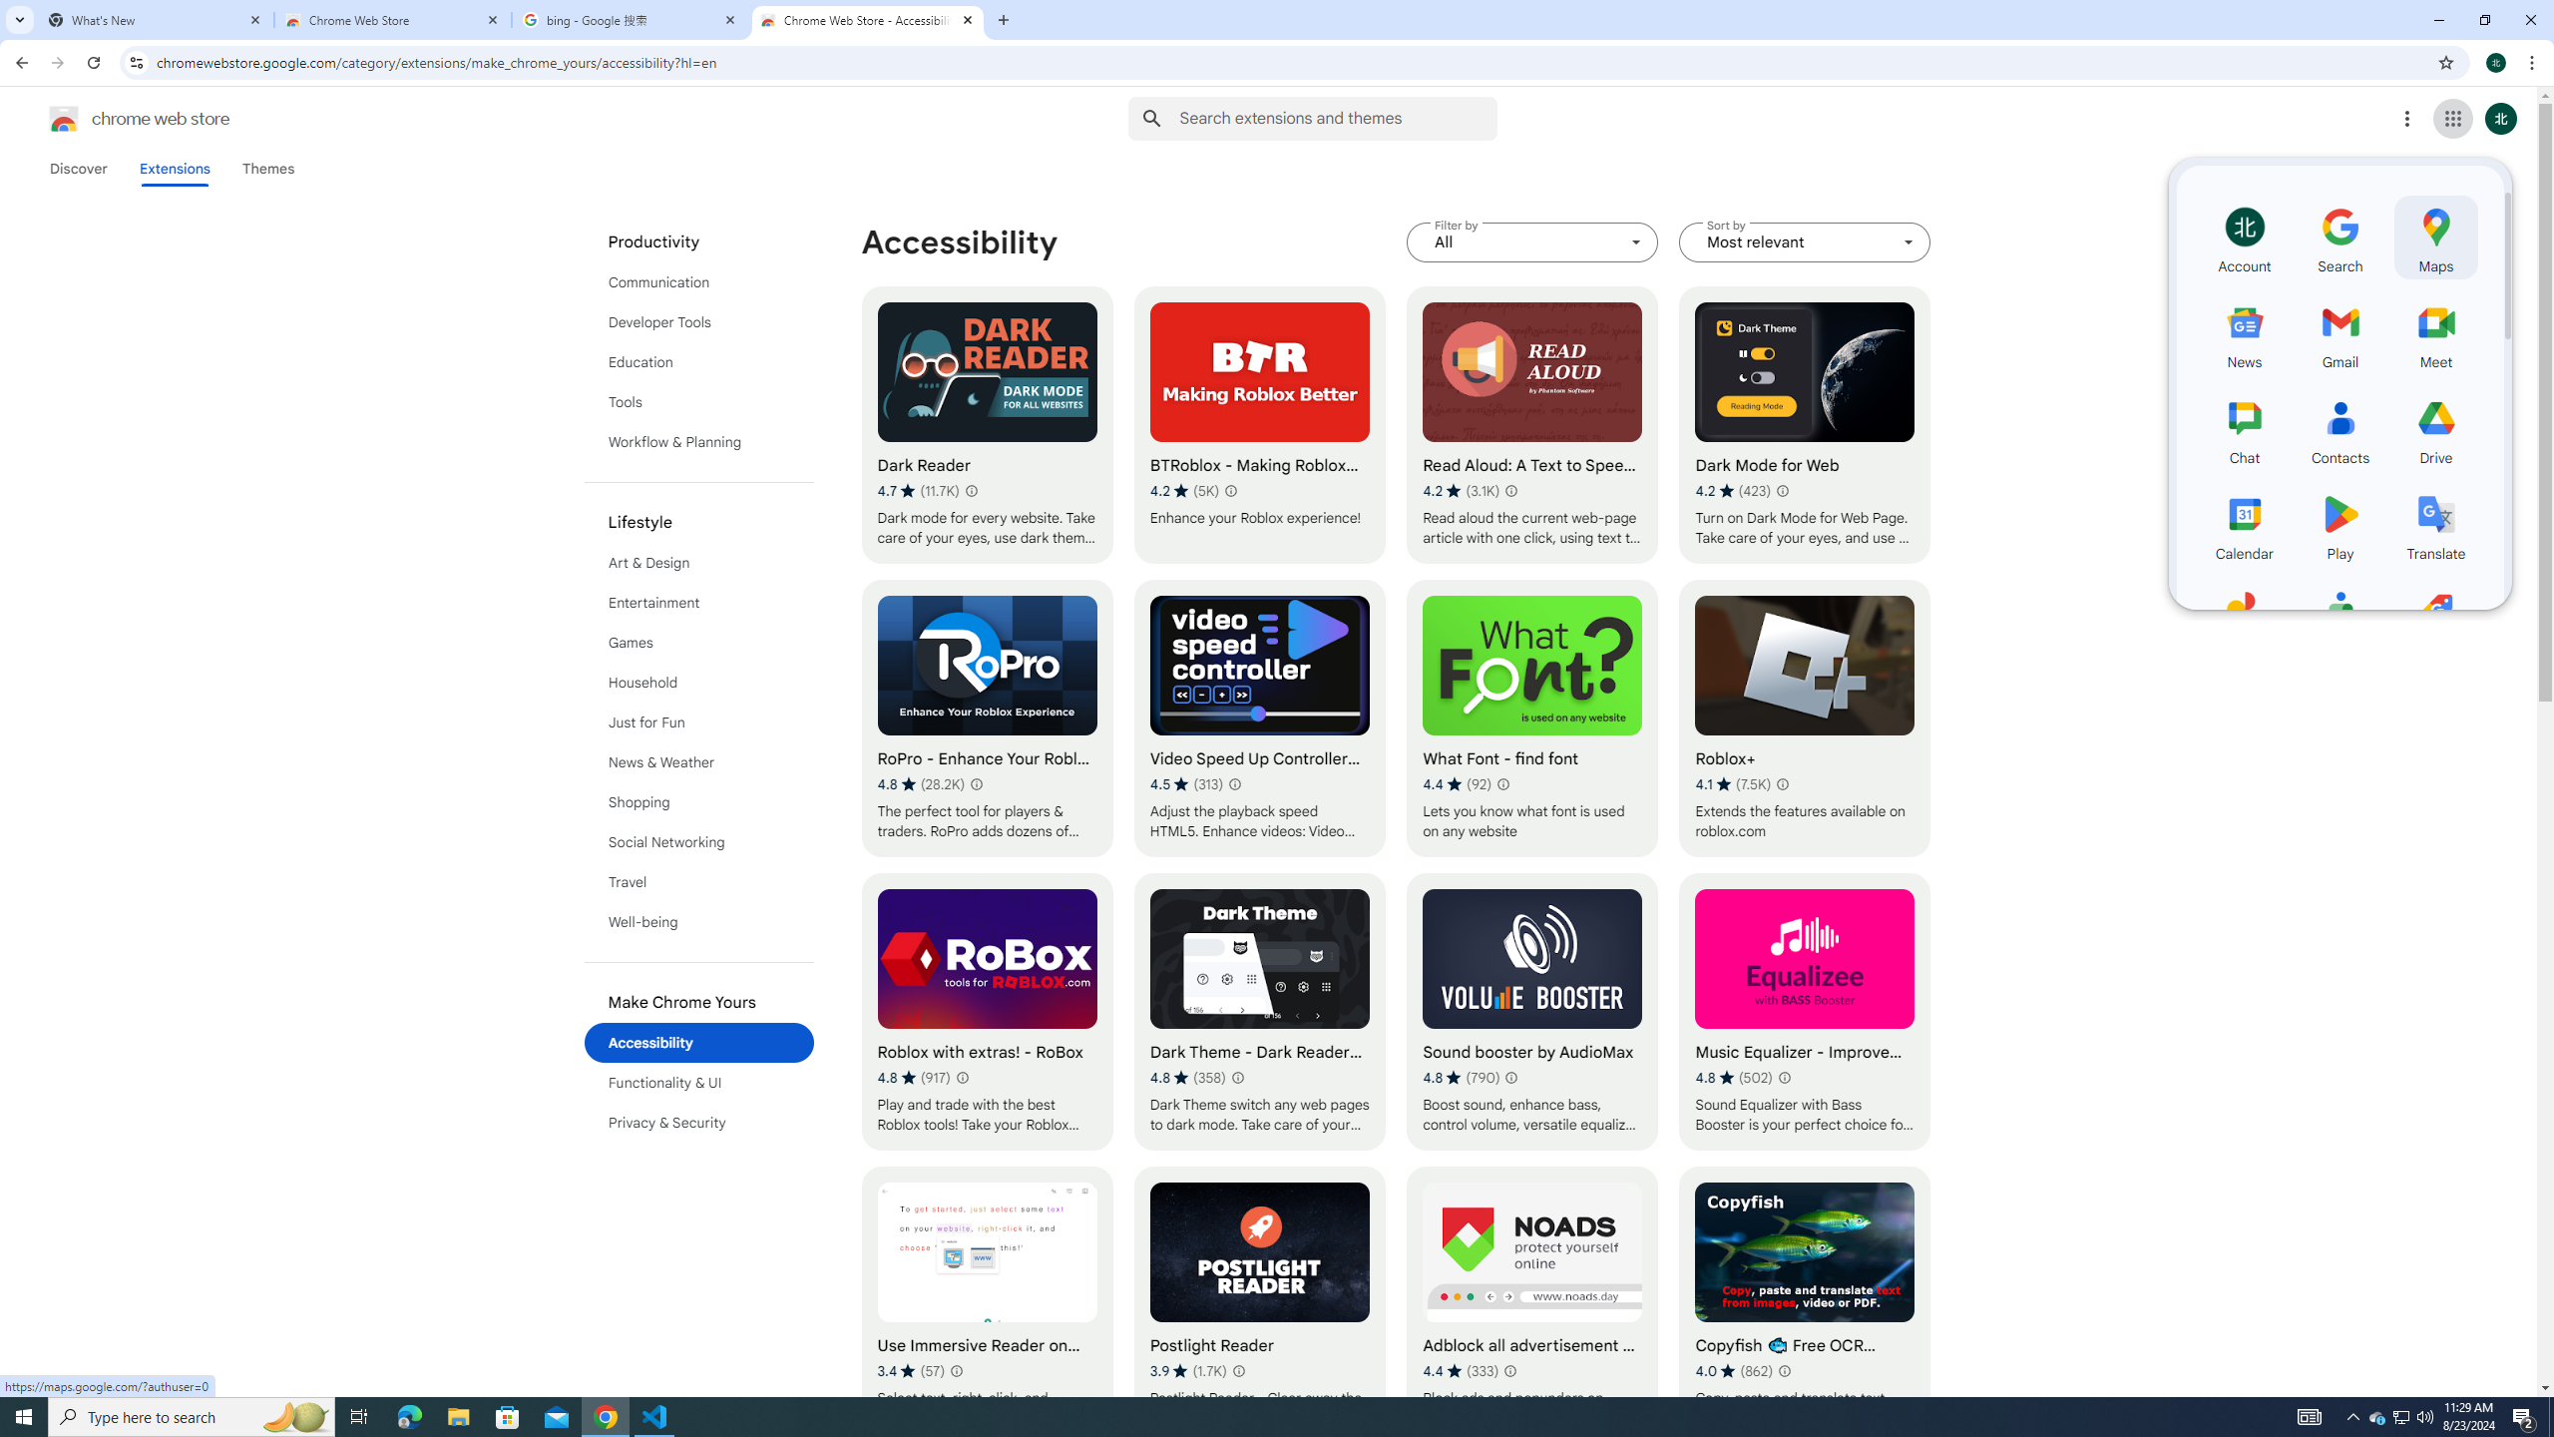 This screenshot has height=1437, width=2554. I want to click on 'Average rating 3.9 out of 5 stars. 1.7K ratings.', so click(1187, 1369).